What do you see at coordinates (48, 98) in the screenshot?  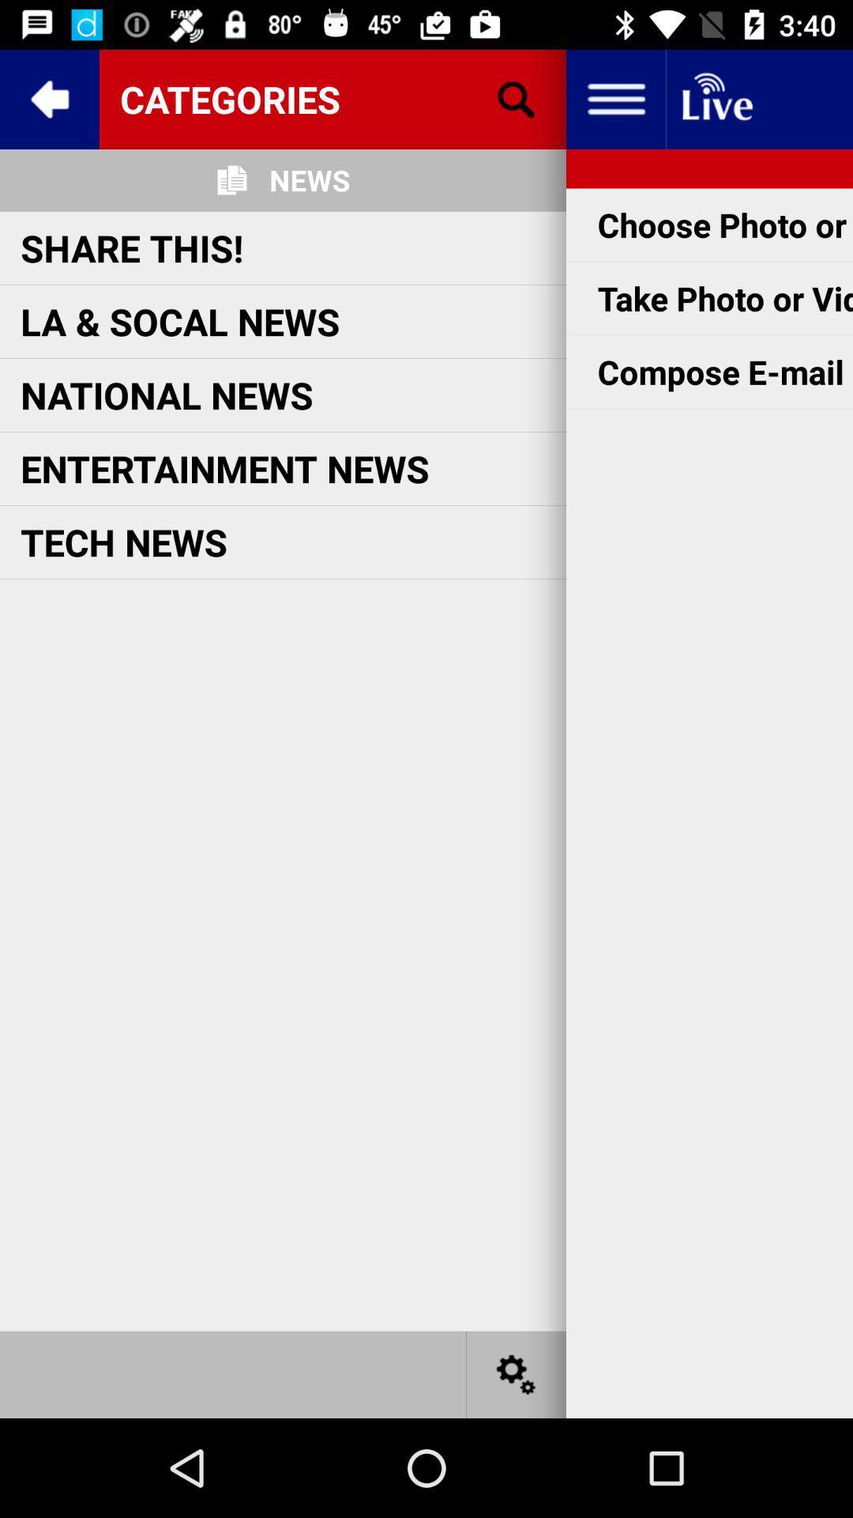 I see `go back` at bounding box center [48, 98].